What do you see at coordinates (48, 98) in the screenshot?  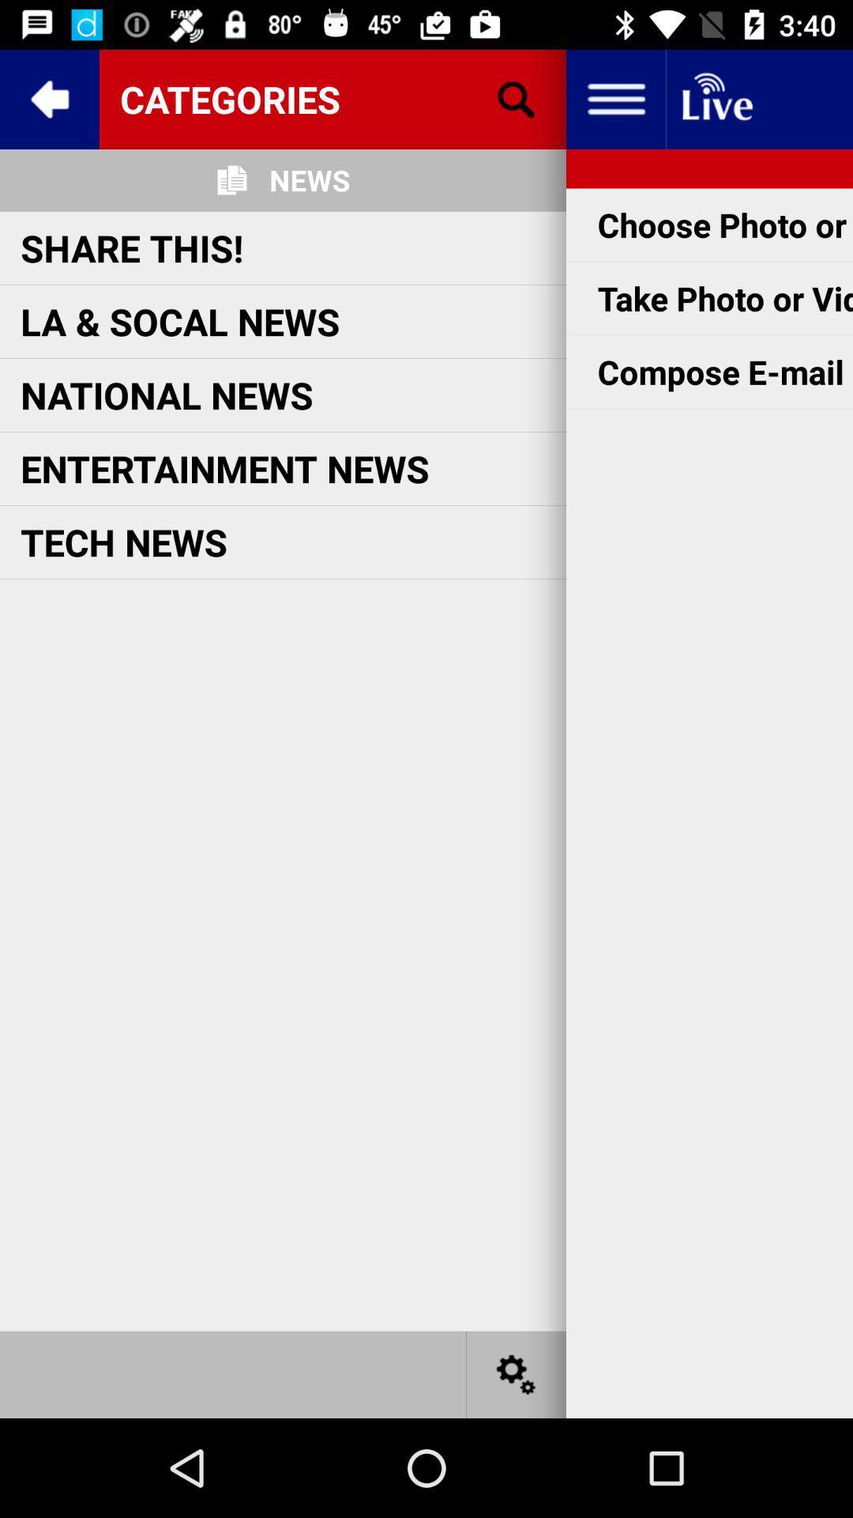 I see `go back` at bounding box center [48, 98].